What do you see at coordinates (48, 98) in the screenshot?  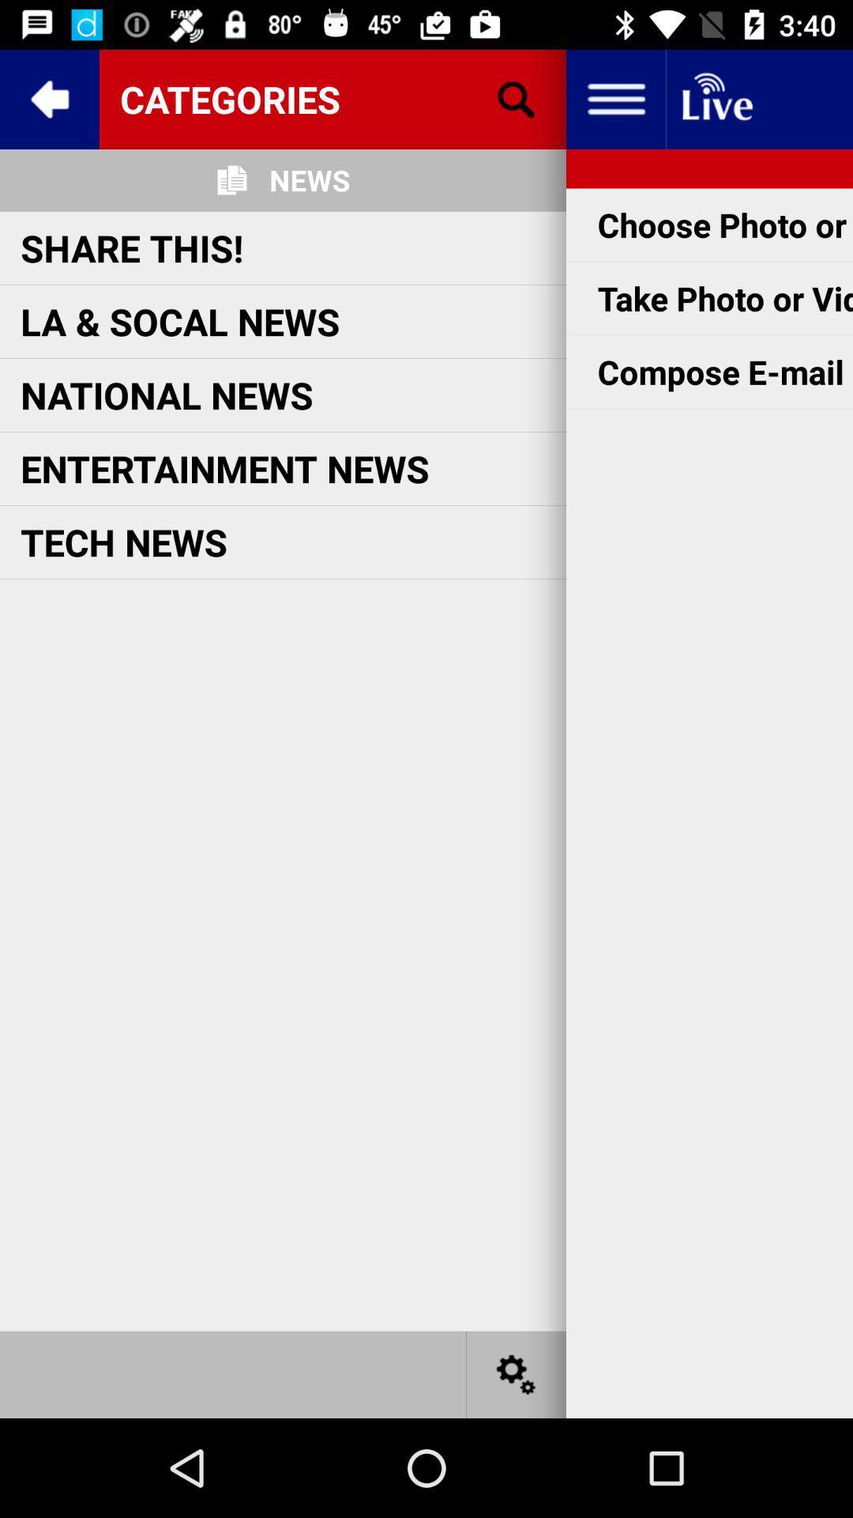 I see `go back` at bounding box center [48, 98].